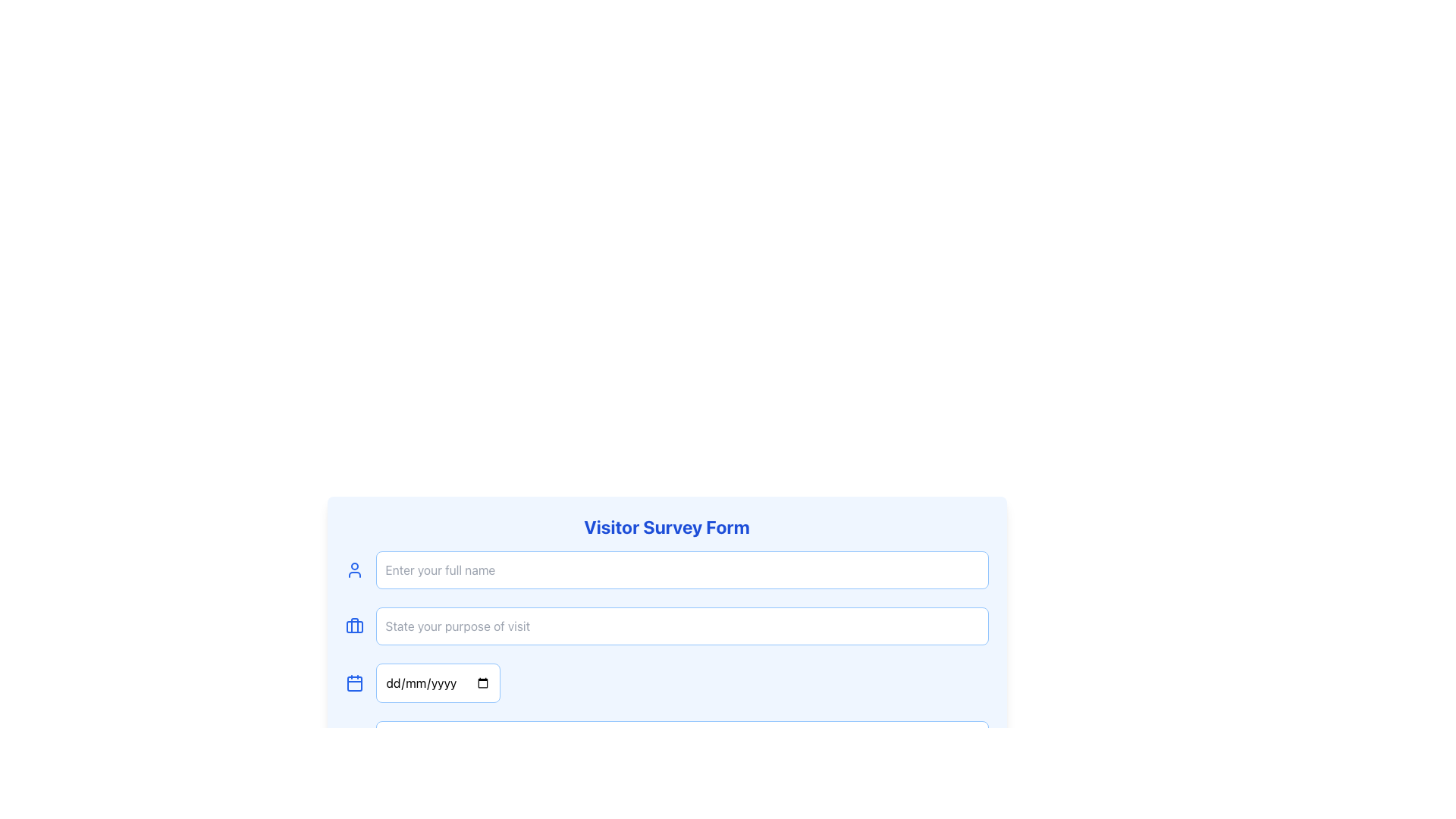 This screenshot has height=819, width=1456. I want to click on the primary SVG graphical component that resembles a square outline with rounded corners, located beneath the user survey form, so click(353, 758).